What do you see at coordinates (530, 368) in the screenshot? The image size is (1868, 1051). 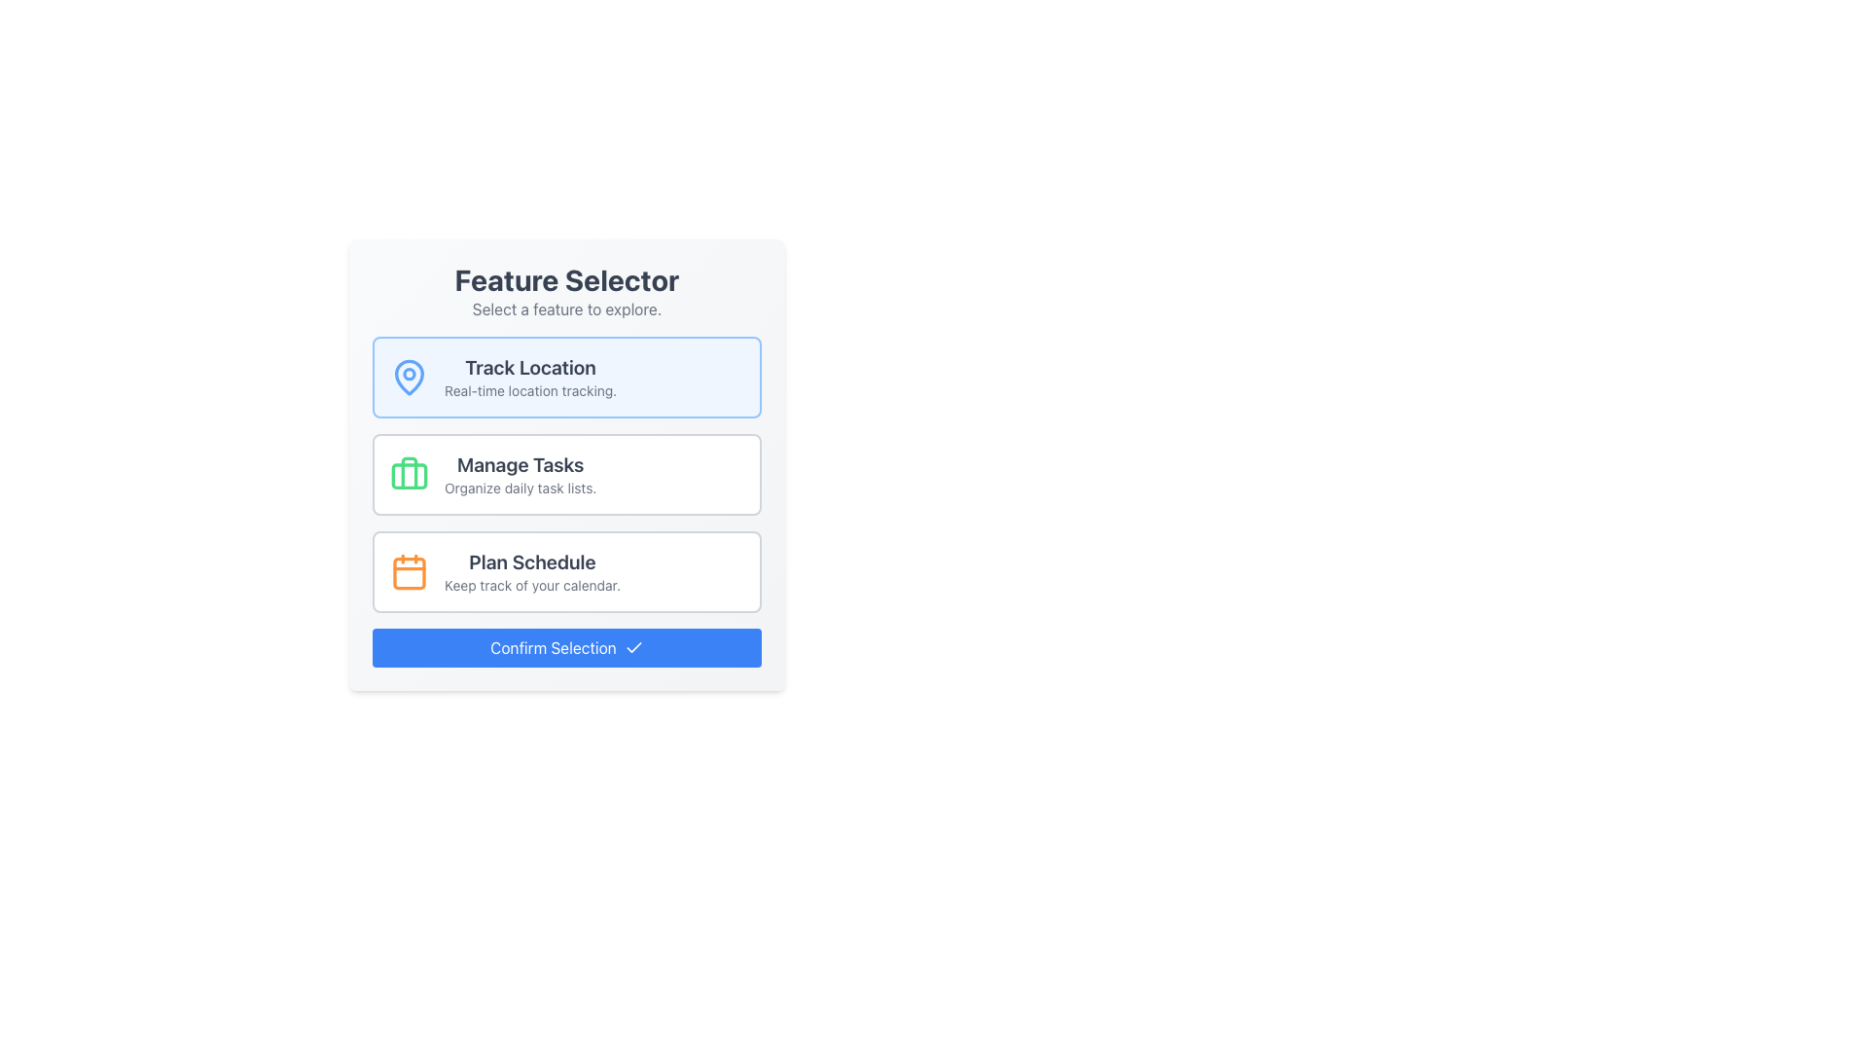 I see `displayed text of the primary text label for the 'Track Location' functionality, which is located at the top of its section above the smaller descriptive text 'Real-time location tracking.'` at bounding box center [530, 368].